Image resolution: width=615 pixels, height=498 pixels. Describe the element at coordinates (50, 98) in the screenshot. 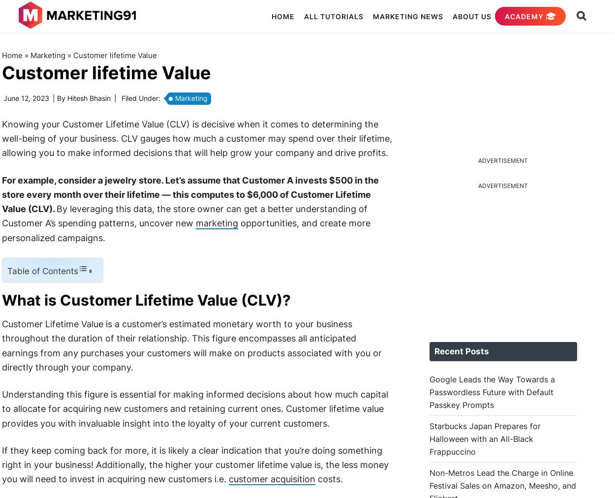

I see `'| By'` at that location.